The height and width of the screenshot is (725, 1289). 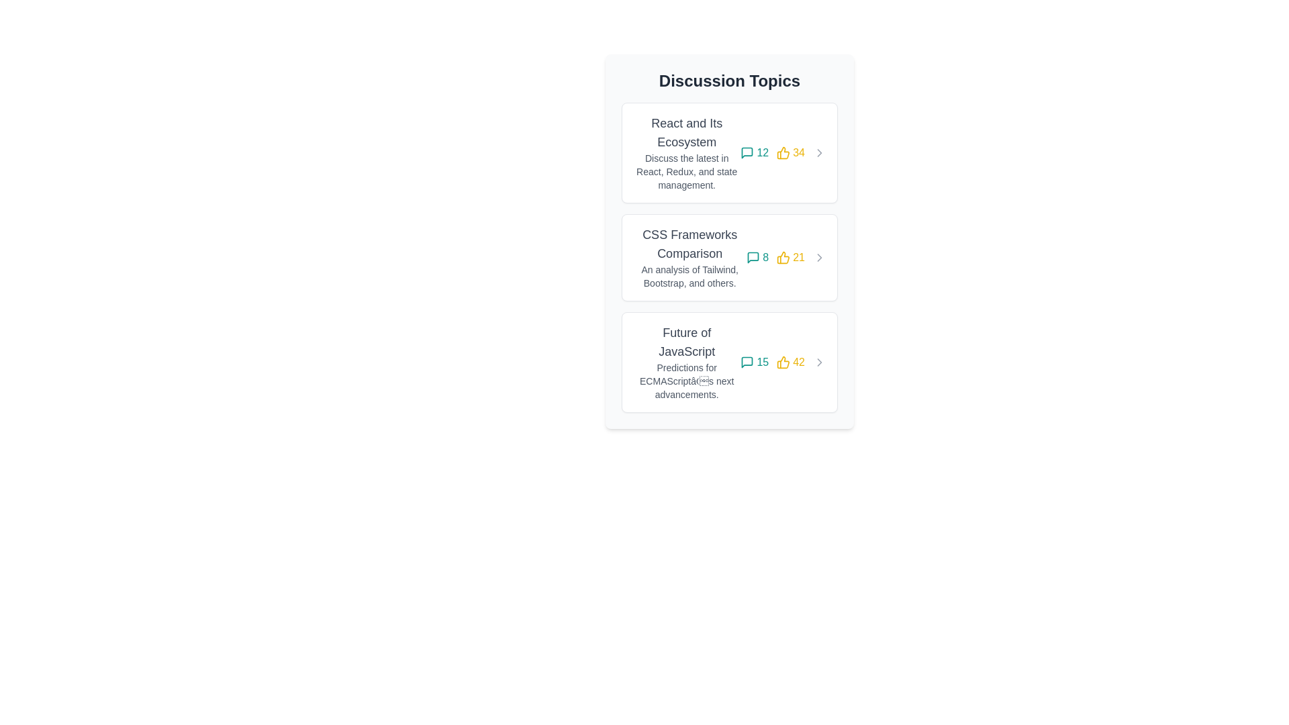 What do you see at coordinates (689, 244) in the screenshot?
I see `the Text Display Element that serves as the heading 'CSS Frameworks Comparison', located in the center section of the page, in the second content card under the 'Discussion Topics' heading` at bounding box center [689, 244].